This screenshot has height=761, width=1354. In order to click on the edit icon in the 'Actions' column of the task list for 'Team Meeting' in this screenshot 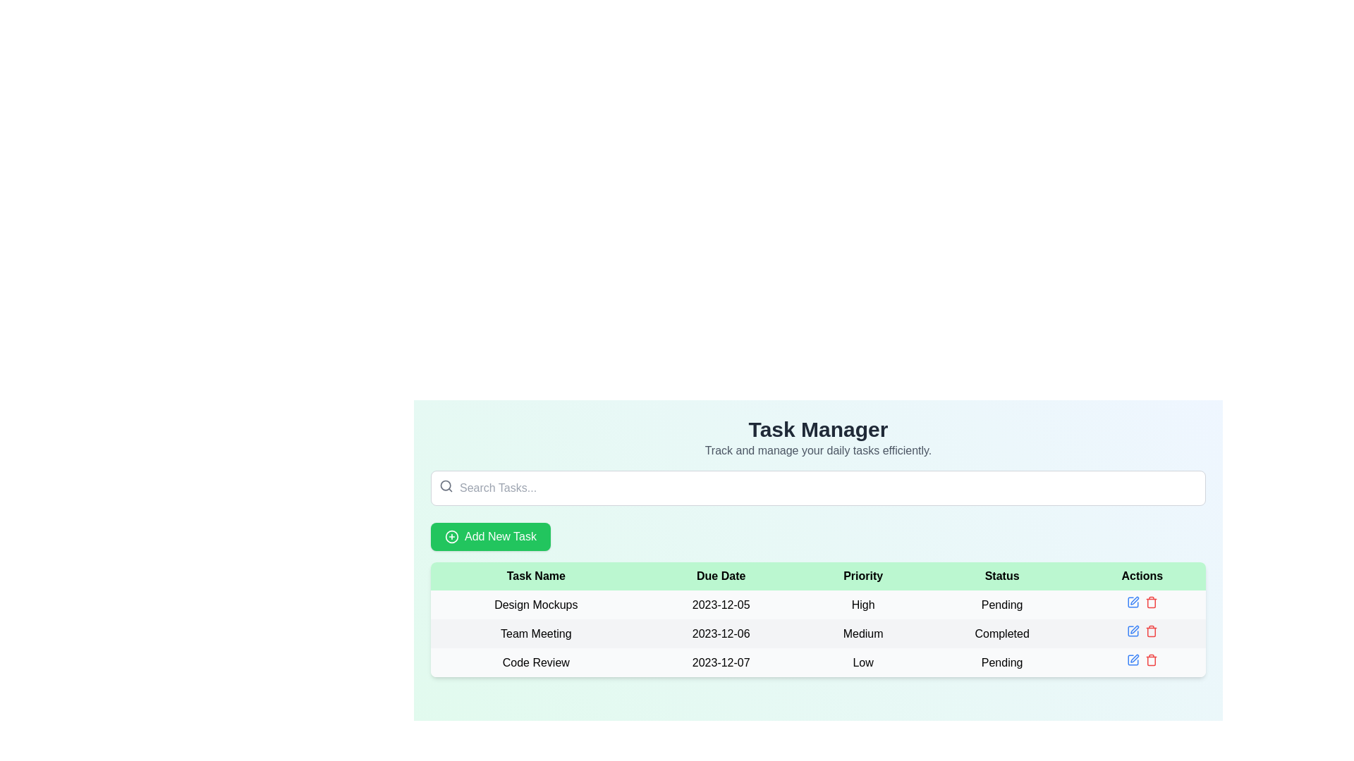, I will do `click(1133, 630)`.